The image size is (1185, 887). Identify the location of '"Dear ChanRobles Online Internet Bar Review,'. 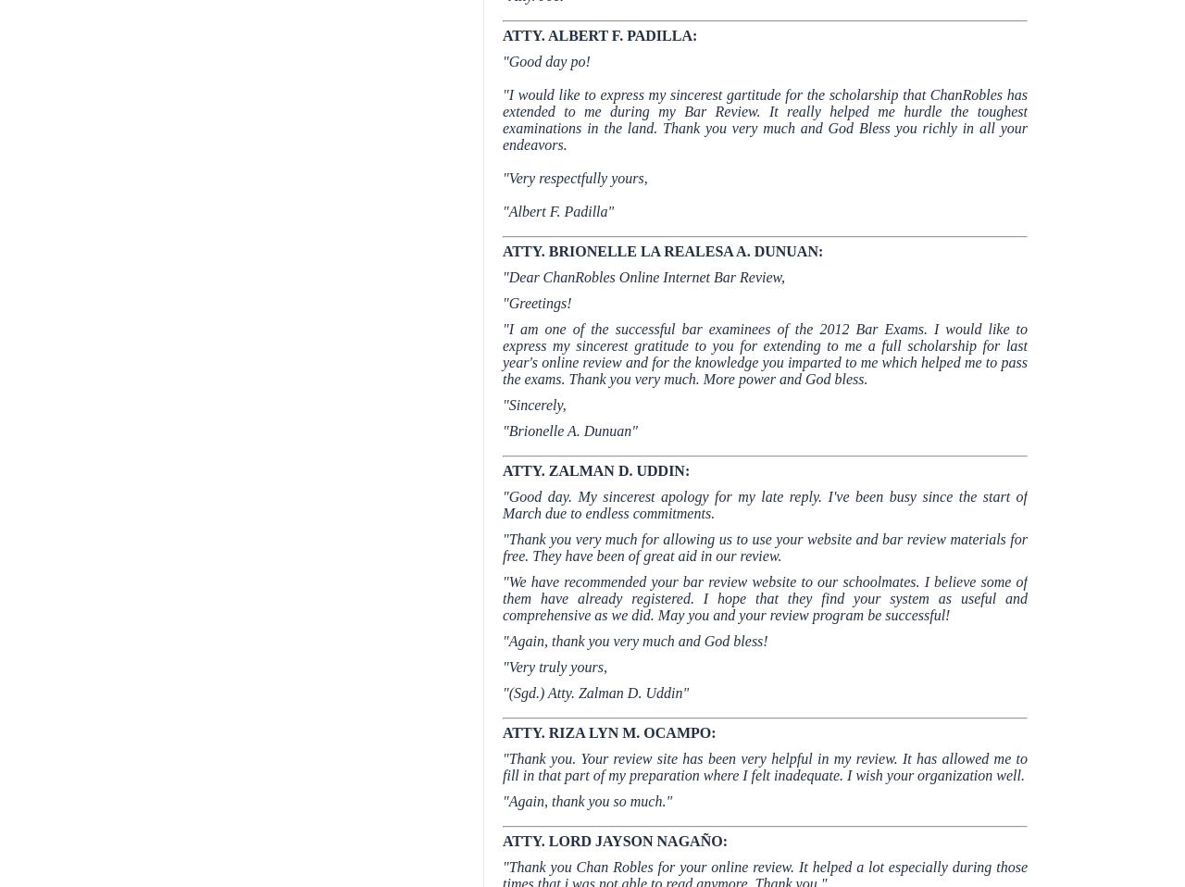
(643, 277).